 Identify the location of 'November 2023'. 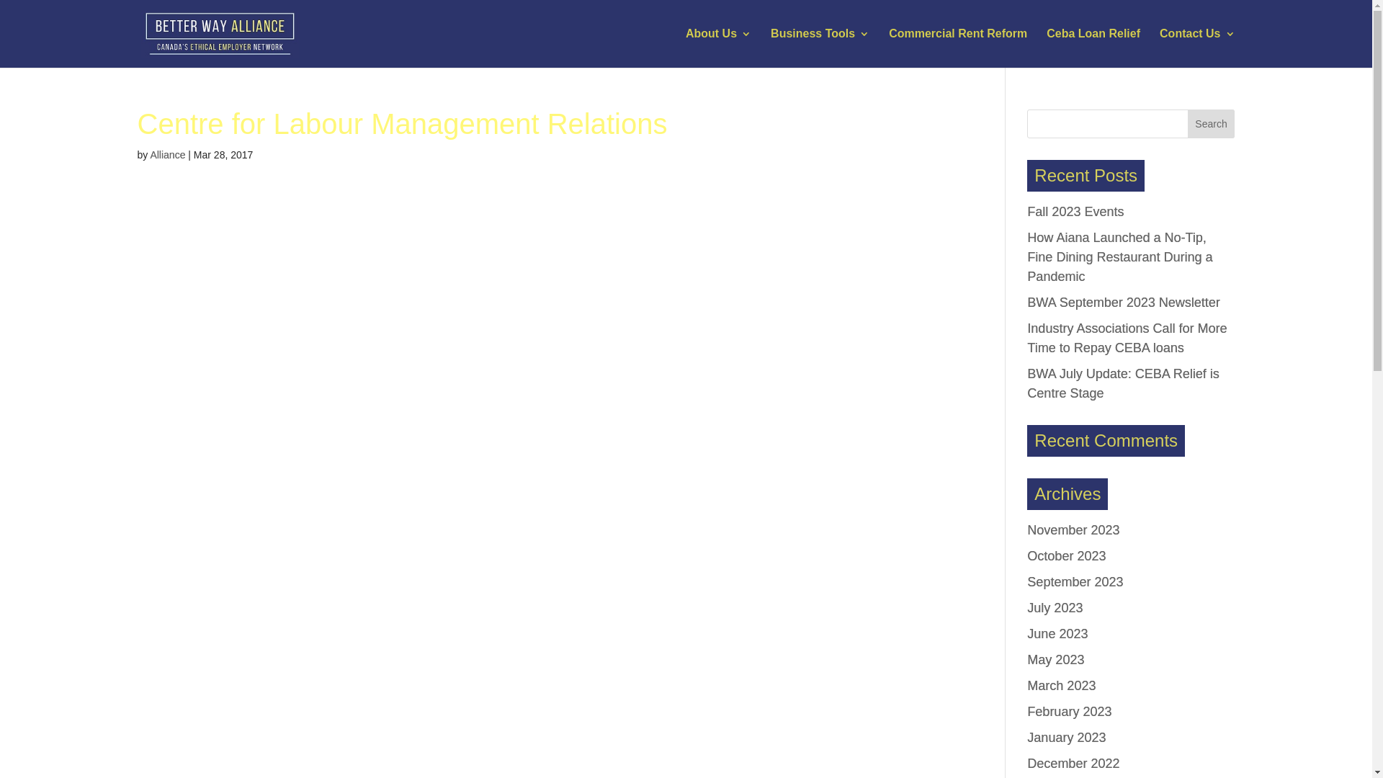
(1073, 530).